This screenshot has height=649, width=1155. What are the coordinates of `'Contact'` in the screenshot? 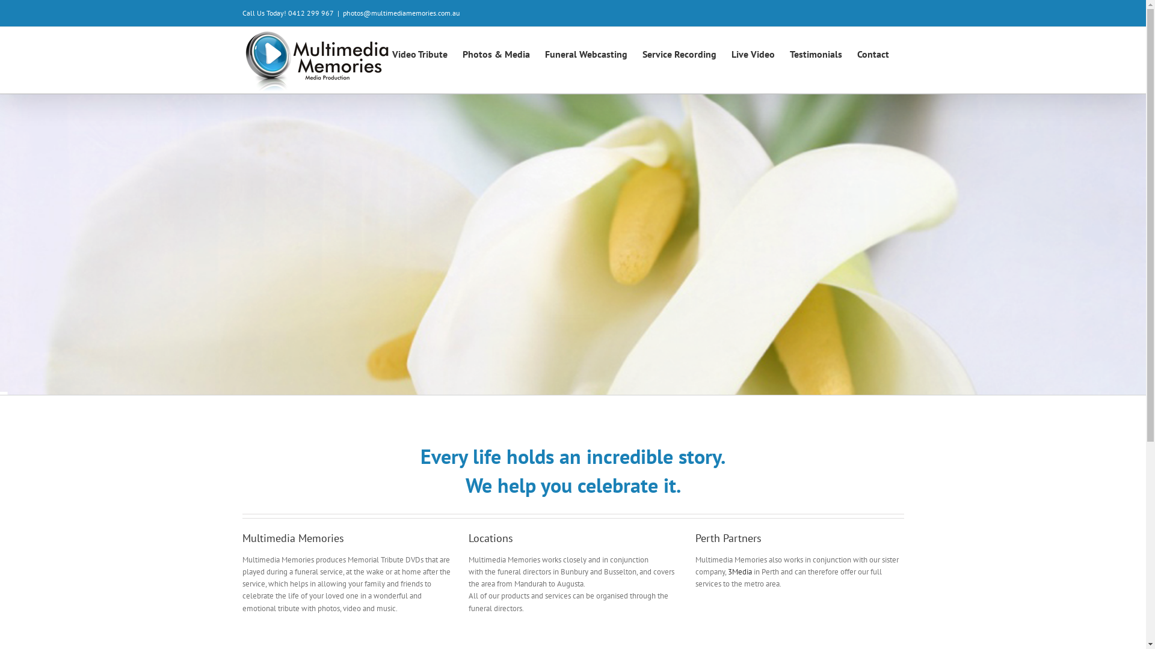 It's located at (872, 52).